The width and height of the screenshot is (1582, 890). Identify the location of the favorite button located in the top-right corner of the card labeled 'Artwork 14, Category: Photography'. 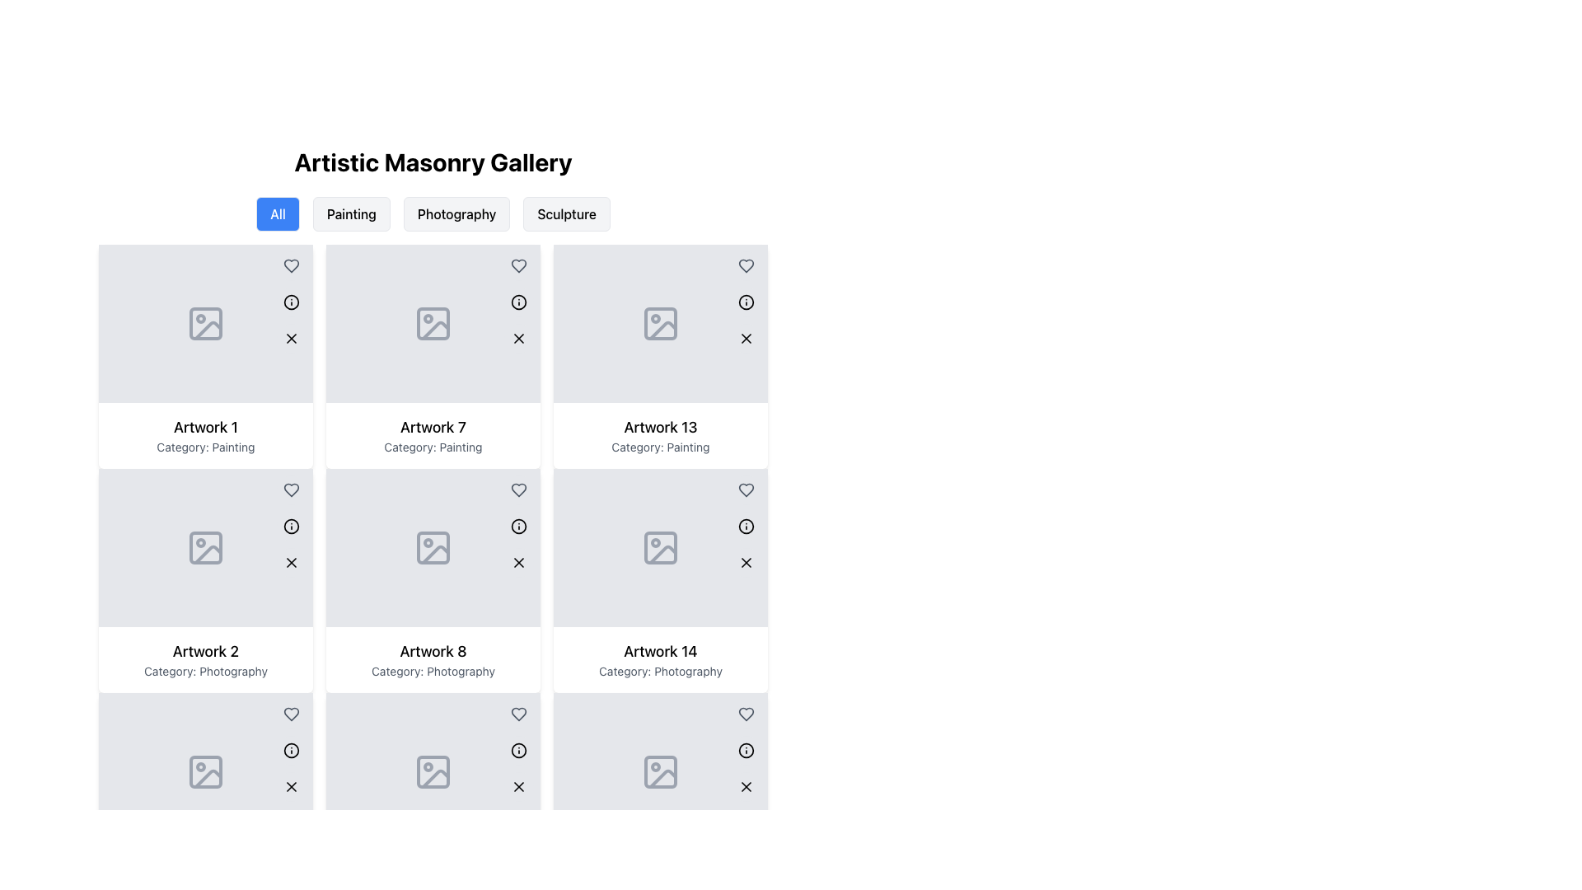
(746, 714).